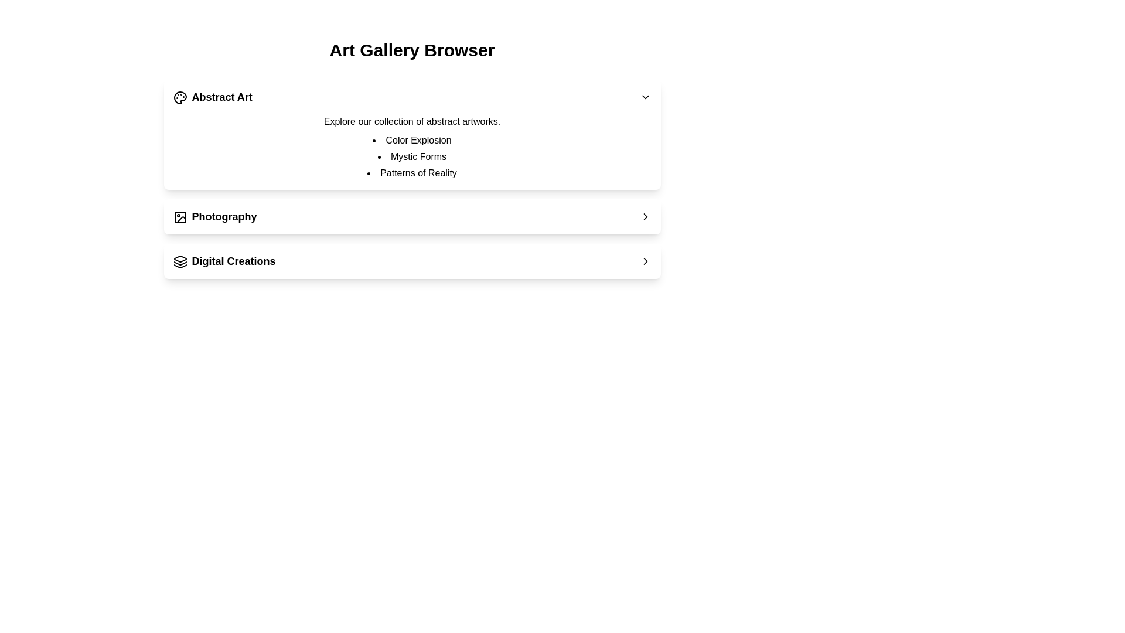 The height and width of the screenshot is (633, 1125). Describe the element at coordinates (179, 217) in the screenshot. I see `the icon of the category header for Photography` at that location.